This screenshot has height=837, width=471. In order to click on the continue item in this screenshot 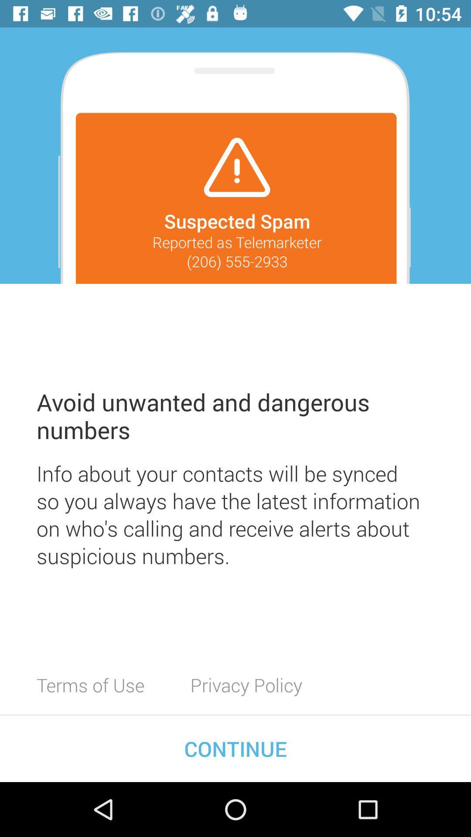, I will do `click(235, 748)`.